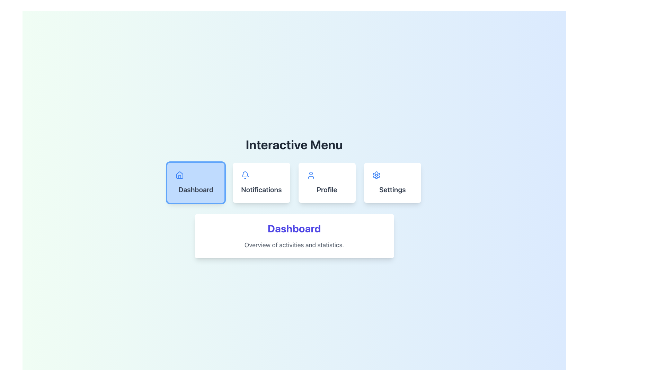 This screenshot has height=374, width=665. Describe the element at coordinates (245, 175) in the screenshot. I see `the Notifications icon, which serves as a visual indicator for the notifications section in the interactive menu` at that location.